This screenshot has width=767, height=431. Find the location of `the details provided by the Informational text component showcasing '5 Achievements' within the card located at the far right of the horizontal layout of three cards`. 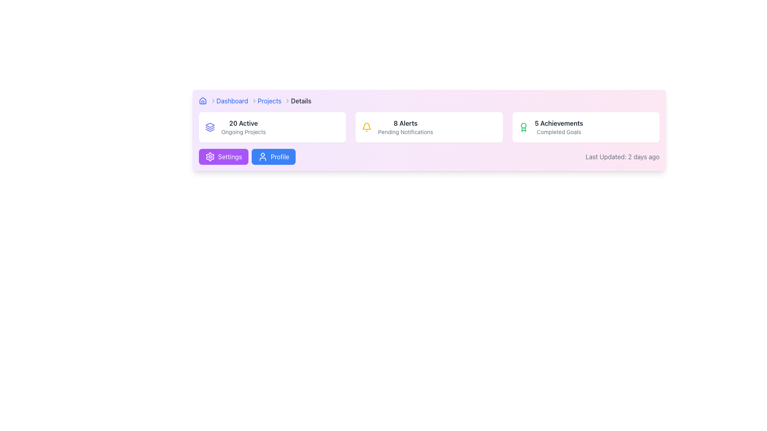

the details provided by the Informational text component showcasing '5 Achievements' within the card located at the far right of the horizontal layout of three cards is located at coordinates (558, 127).